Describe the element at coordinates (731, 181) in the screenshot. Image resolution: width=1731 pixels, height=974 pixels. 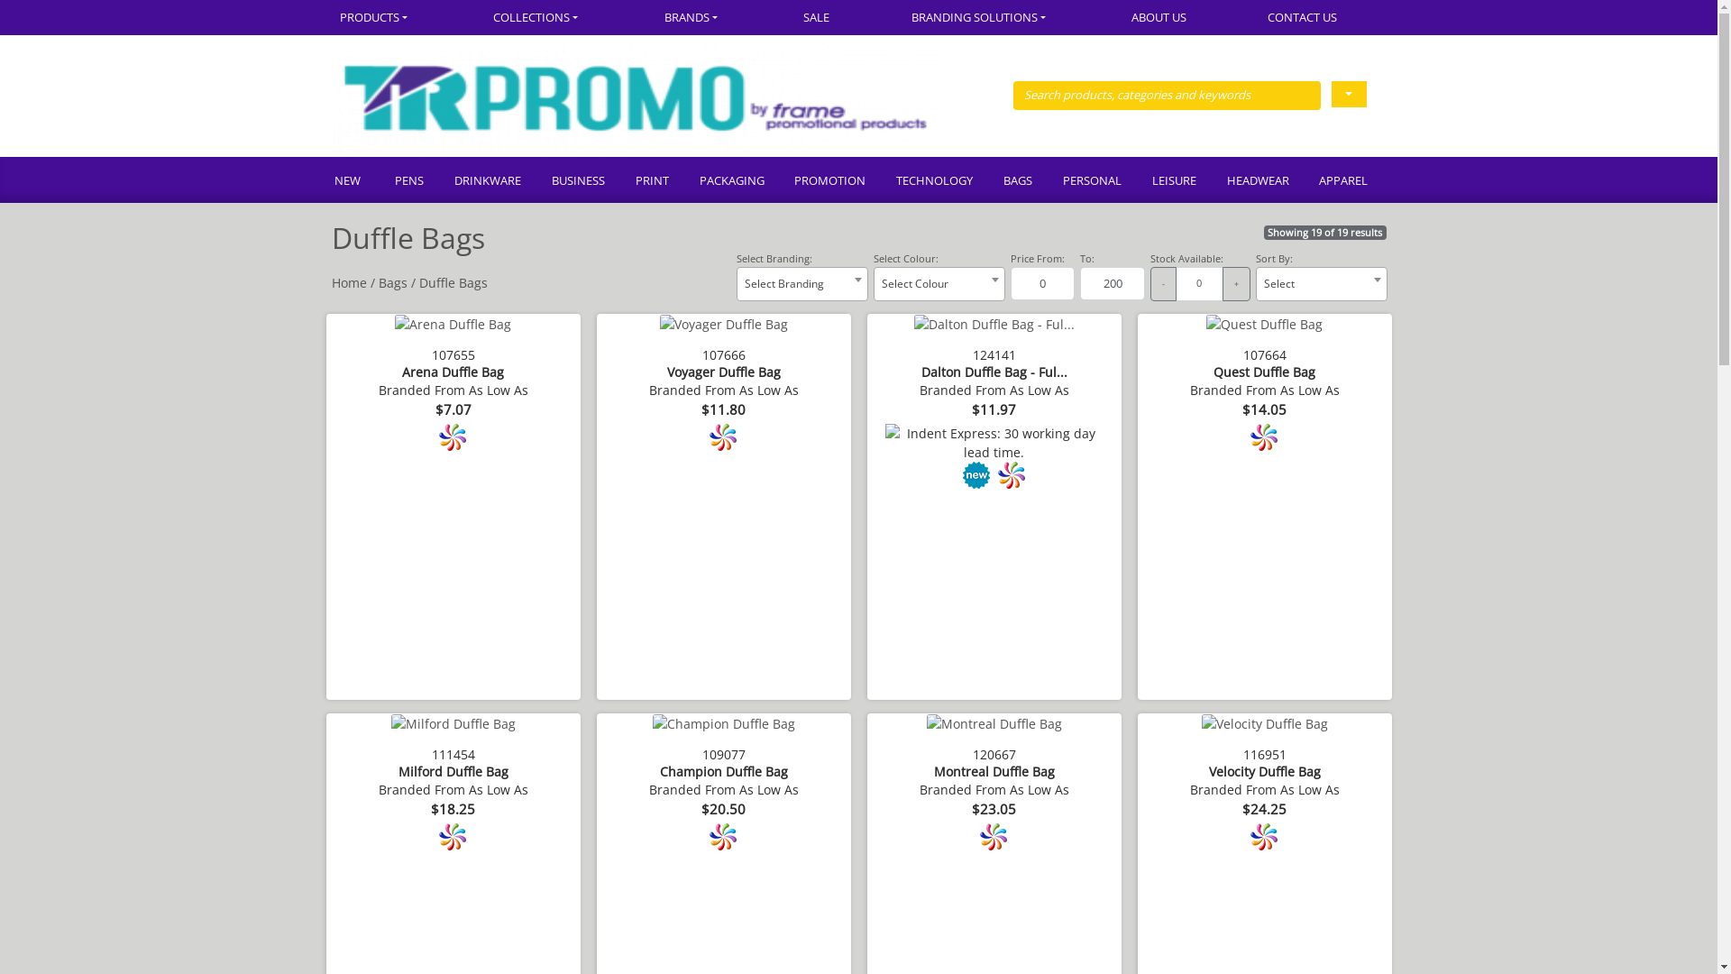
I see `'PACKAGING'` at that location.